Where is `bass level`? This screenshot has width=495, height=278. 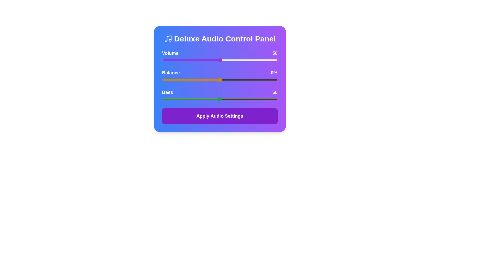
bass level is located at coordinates (204, 99).